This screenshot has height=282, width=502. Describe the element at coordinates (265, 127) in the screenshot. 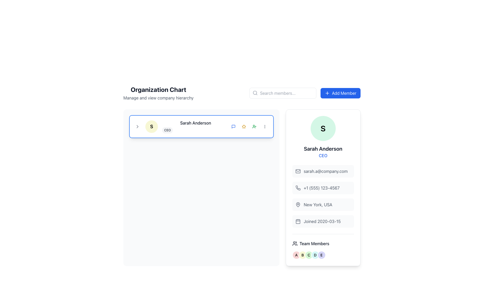

I see `the Icon Button located at the far right end of the horizontal row of interactive elements` at that location.